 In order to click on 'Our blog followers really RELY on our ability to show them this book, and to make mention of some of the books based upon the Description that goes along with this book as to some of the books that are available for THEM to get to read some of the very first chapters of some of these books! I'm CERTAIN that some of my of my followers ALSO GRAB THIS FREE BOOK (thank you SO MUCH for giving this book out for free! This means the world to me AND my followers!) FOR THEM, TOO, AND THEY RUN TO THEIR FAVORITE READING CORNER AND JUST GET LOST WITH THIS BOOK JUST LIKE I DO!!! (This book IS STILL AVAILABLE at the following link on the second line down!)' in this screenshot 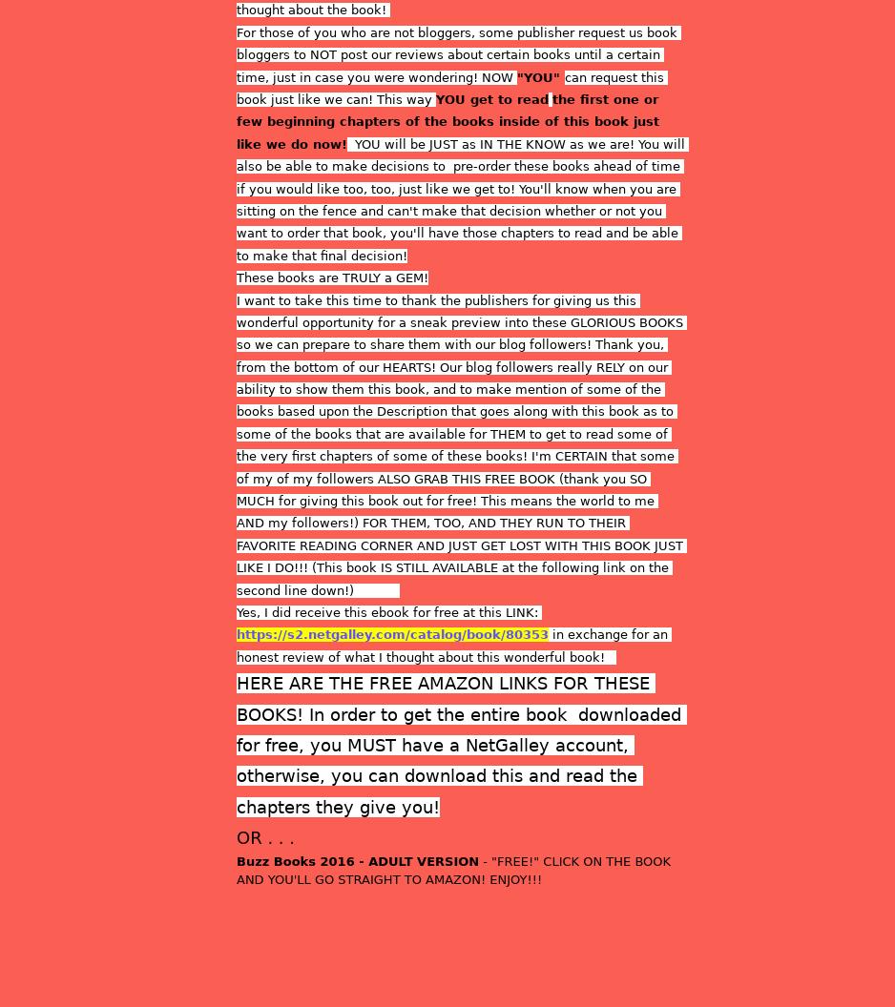, I will do `click(236, 477)`.